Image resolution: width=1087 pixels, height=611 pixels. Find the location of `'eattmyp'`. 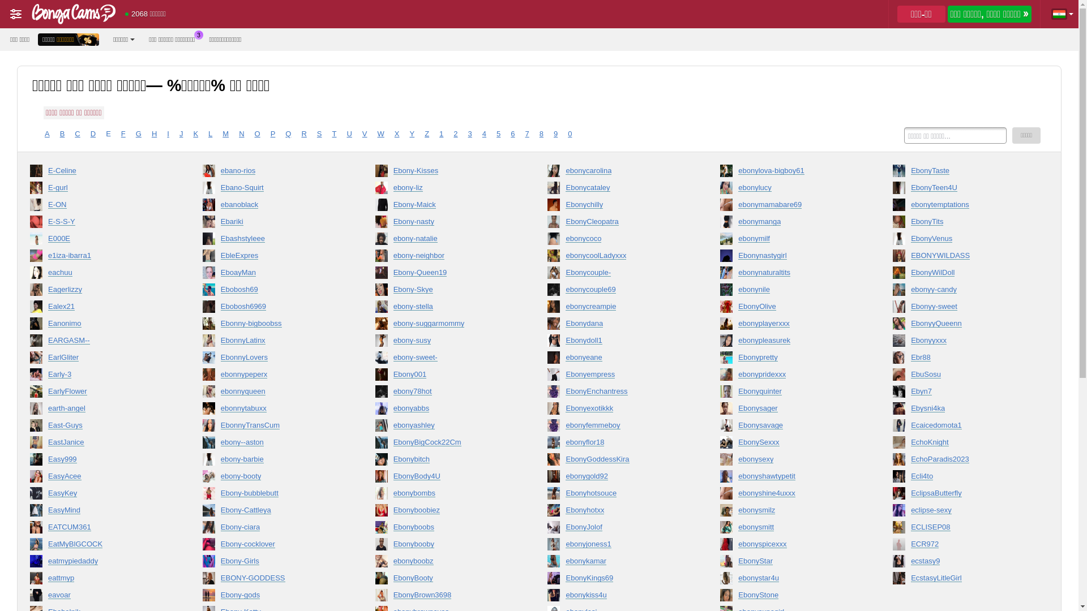

'eattmyp' is located at coordinates (100, 580).